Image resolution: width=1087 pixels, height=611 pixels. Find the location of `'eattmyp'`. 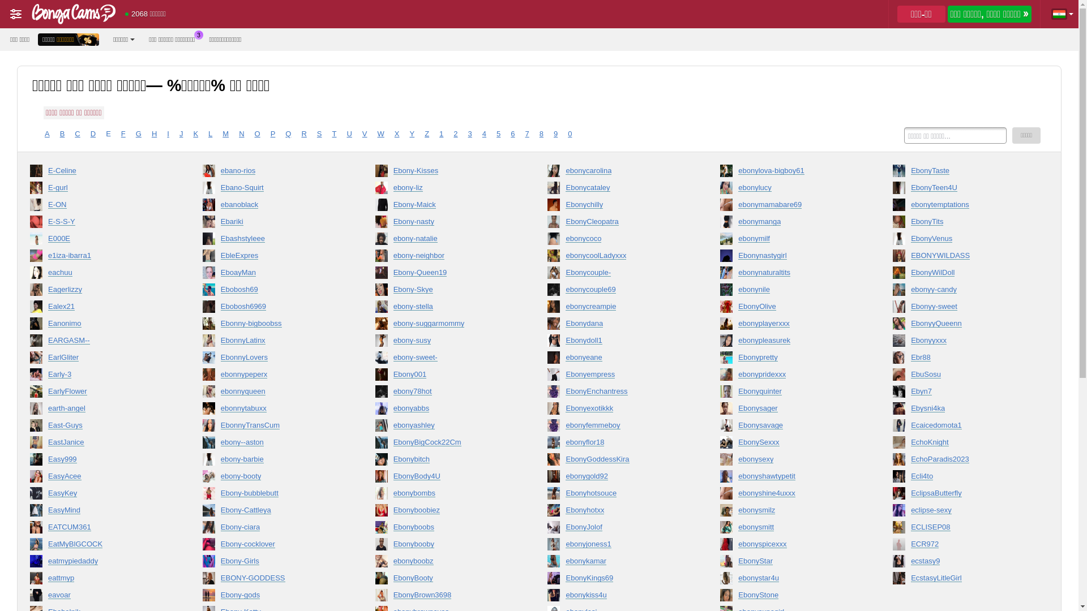

'eattmyp' is located at coordinates (100, 580).